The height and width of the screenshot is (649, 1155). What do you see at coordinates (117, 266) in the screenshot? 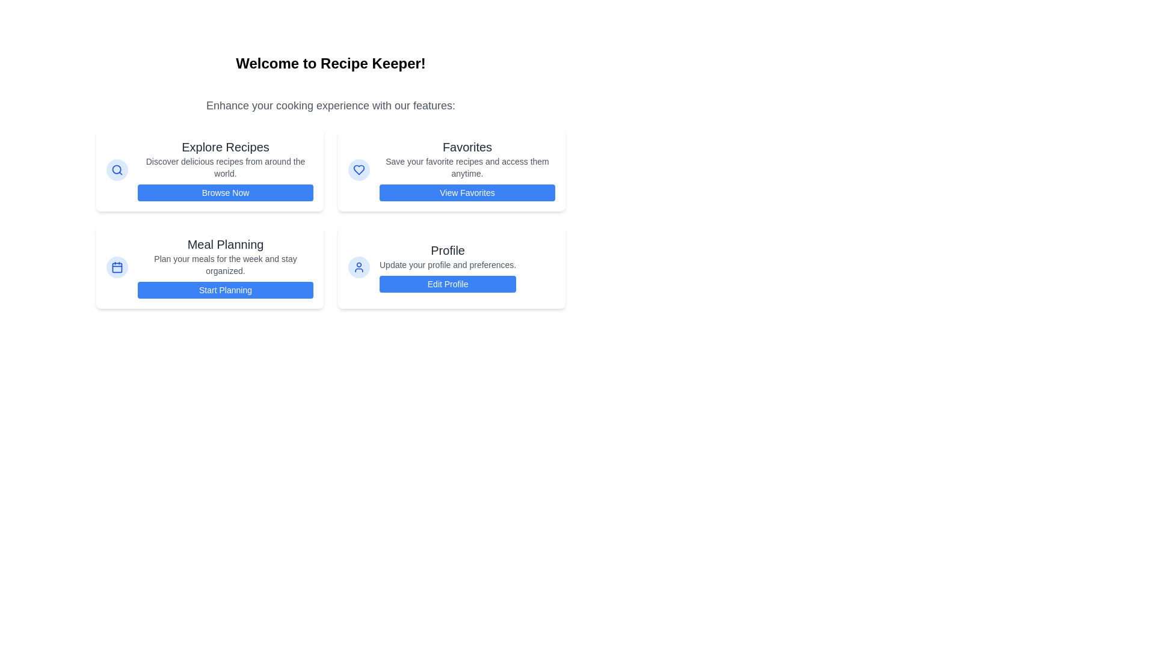
I see `the decorative rectangle with rounded corners that forms the body of the calendar icon, which visually indicates the 'Meal Planning' feature` at bounding box center [117, 266].